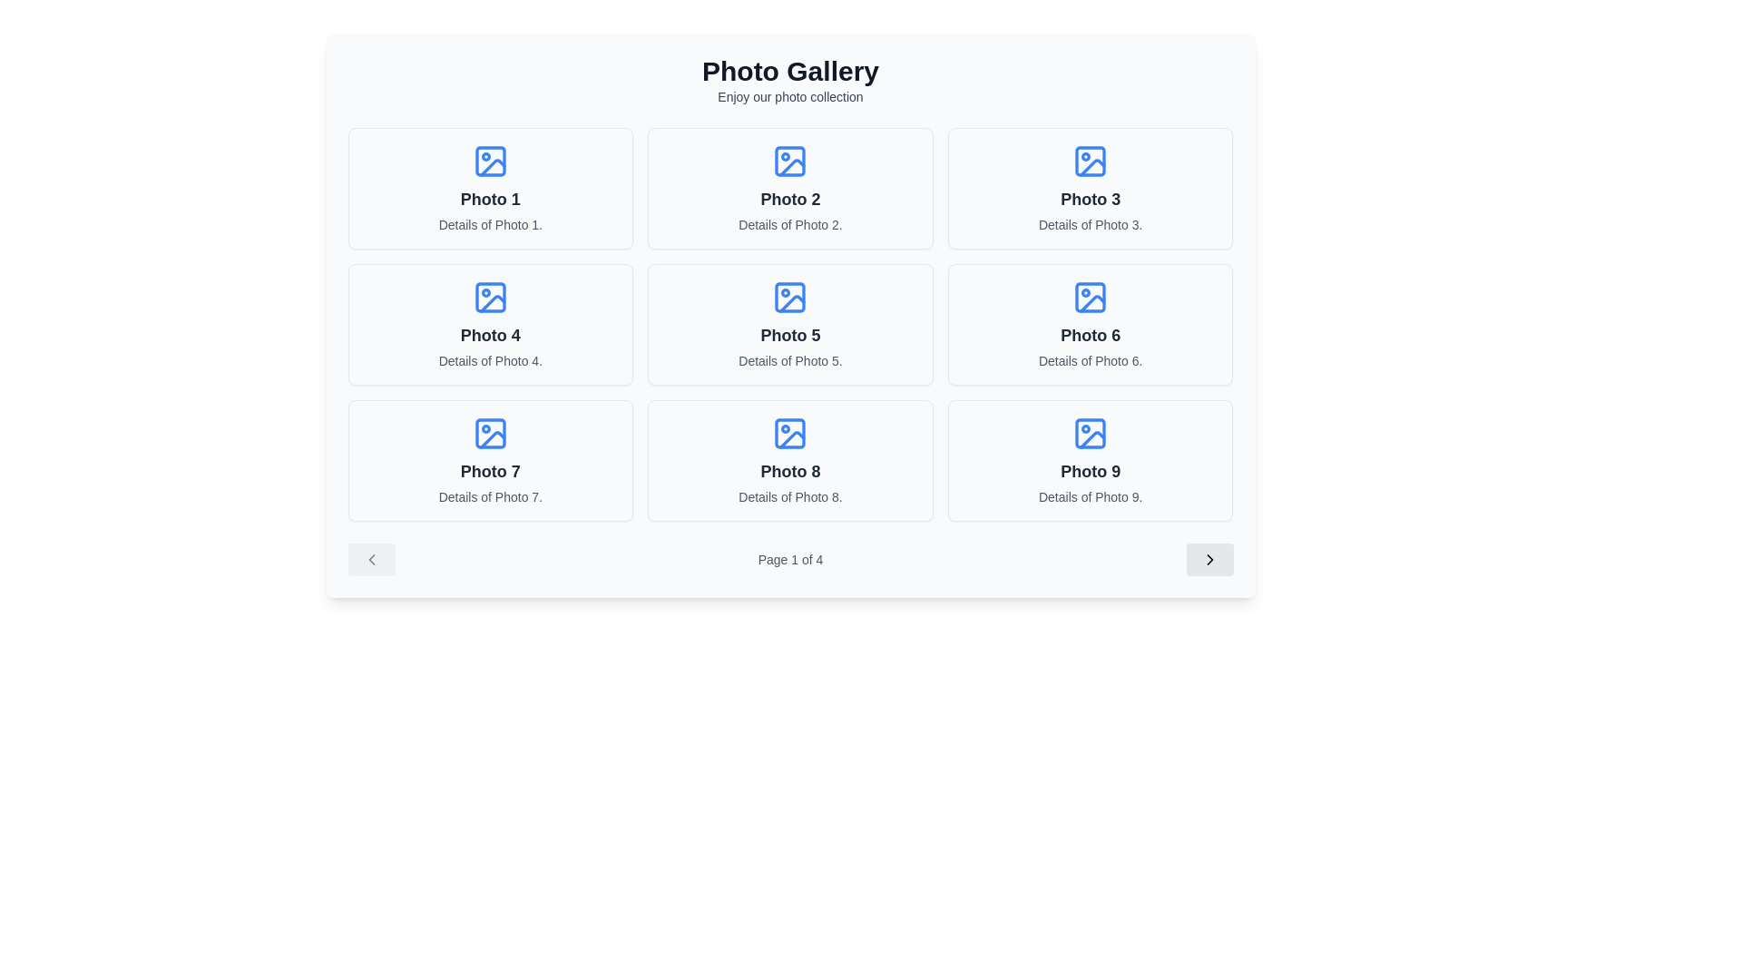 This screenshot has height=980, width=1742. Describe the element at coordinates (1090, 324) in the screenshot. I see `the card representing 'Photo 6' in the gallery to focus or interact with it` at that location.